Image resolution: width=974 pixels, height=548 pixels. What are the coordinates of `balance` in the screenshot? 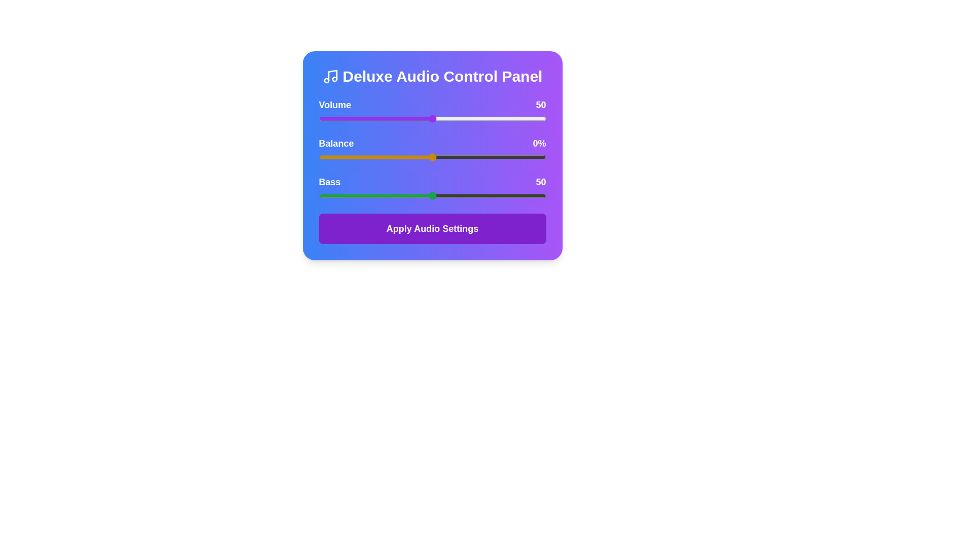 It's located at (379, 157).